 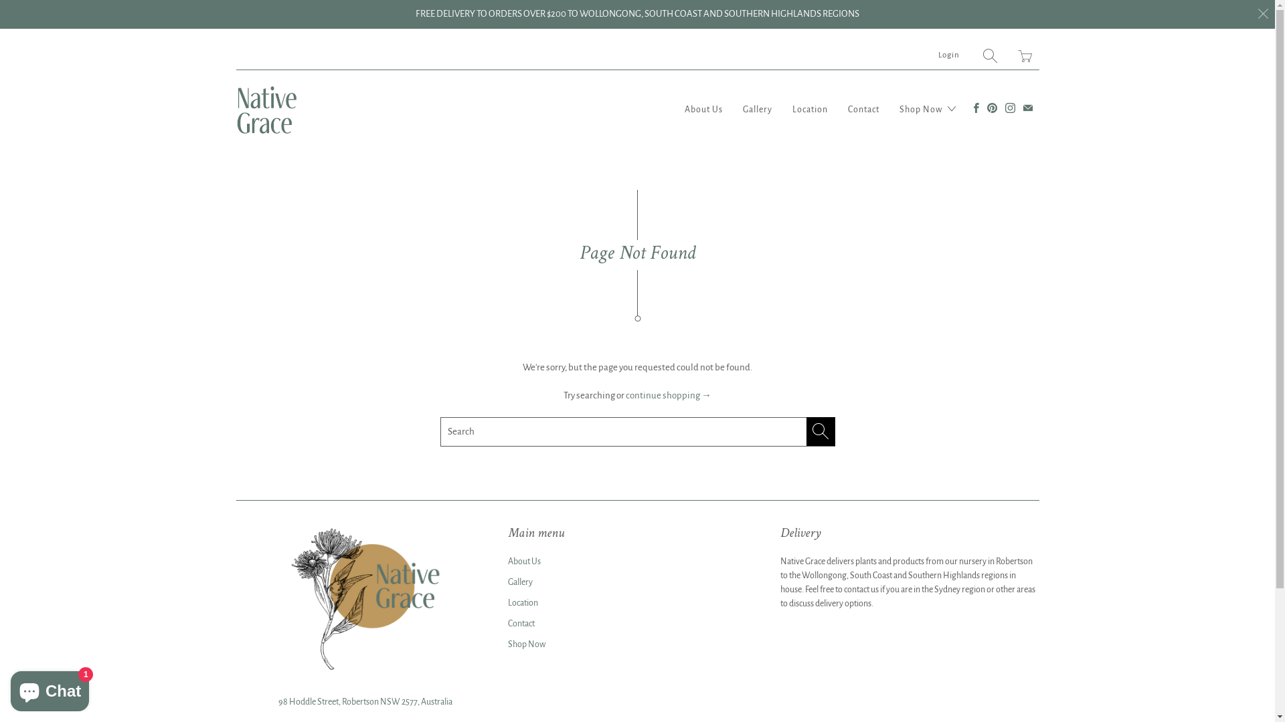 I want to click on 'Contact', so click(x=863, y=108).